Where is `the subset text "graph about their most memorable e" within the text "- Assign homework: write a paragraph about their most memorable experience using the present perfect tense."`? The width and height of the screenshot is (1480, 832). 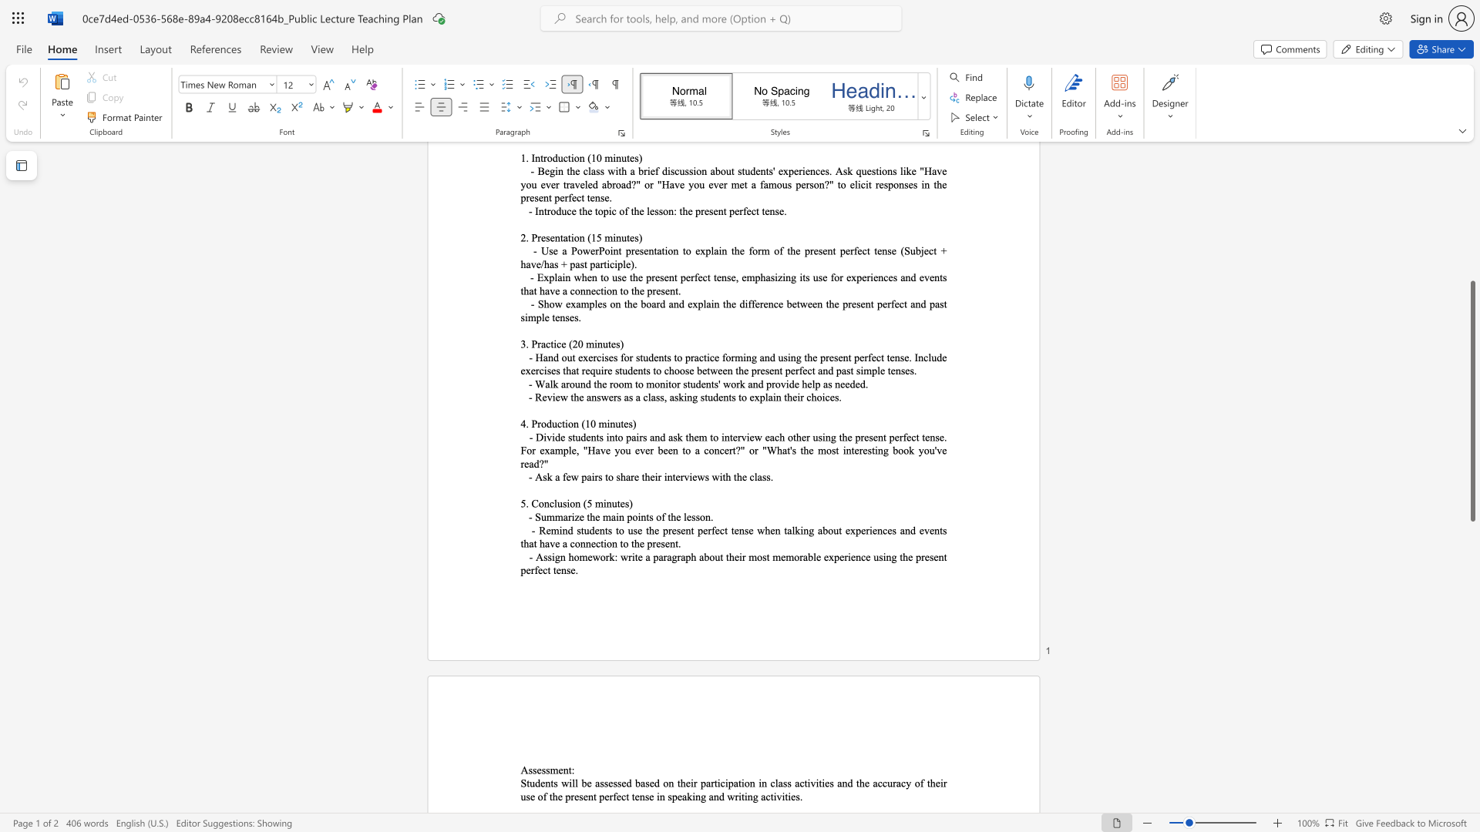
the subset text "graph about their most memorable e" within the text "- Assign homework: write a paragraph about their most memorable experience using the present perfect tense." is located at coordinates (671, 557).